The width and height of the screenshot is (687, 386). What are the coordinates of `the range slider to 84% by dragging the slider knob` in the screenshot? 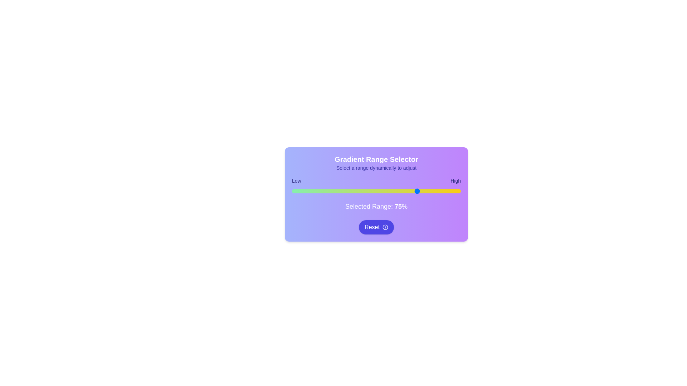 It's located at (433, 191).